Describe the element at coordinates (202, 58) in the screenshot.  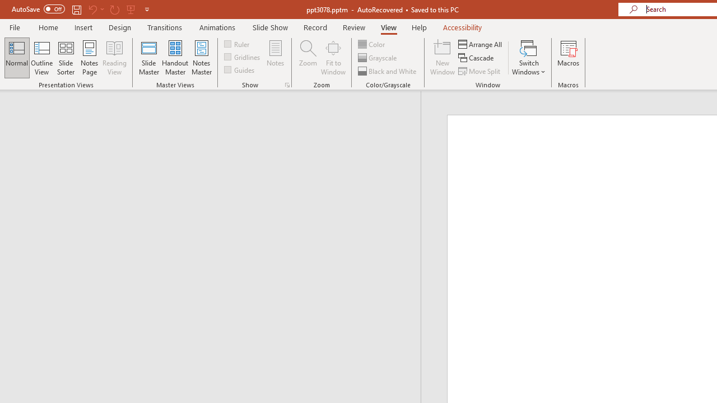
I see `'Notes Master'` at that location.